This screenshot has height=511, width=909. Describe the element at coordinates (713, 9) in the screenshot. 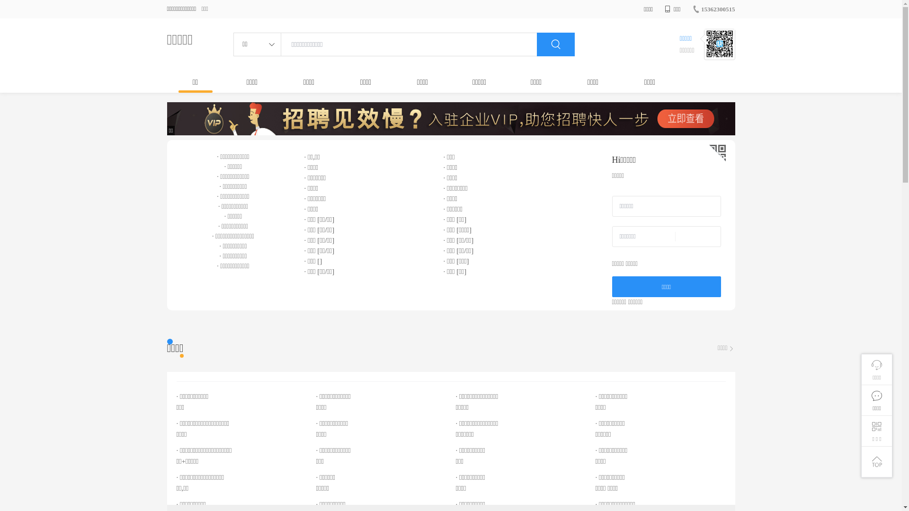

I see `'15362300515'` at that location.